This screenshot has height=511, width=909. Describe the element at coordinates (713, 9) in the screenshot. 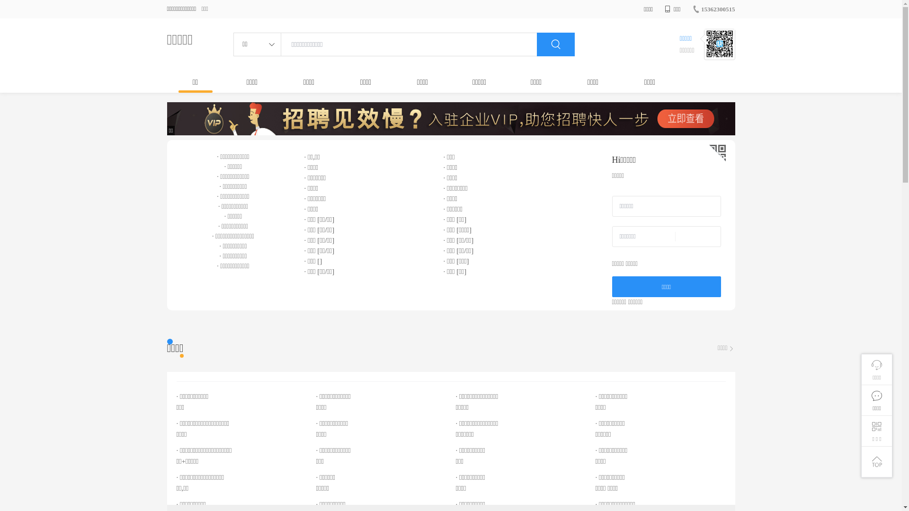

I see `'15362300515'` at that location.